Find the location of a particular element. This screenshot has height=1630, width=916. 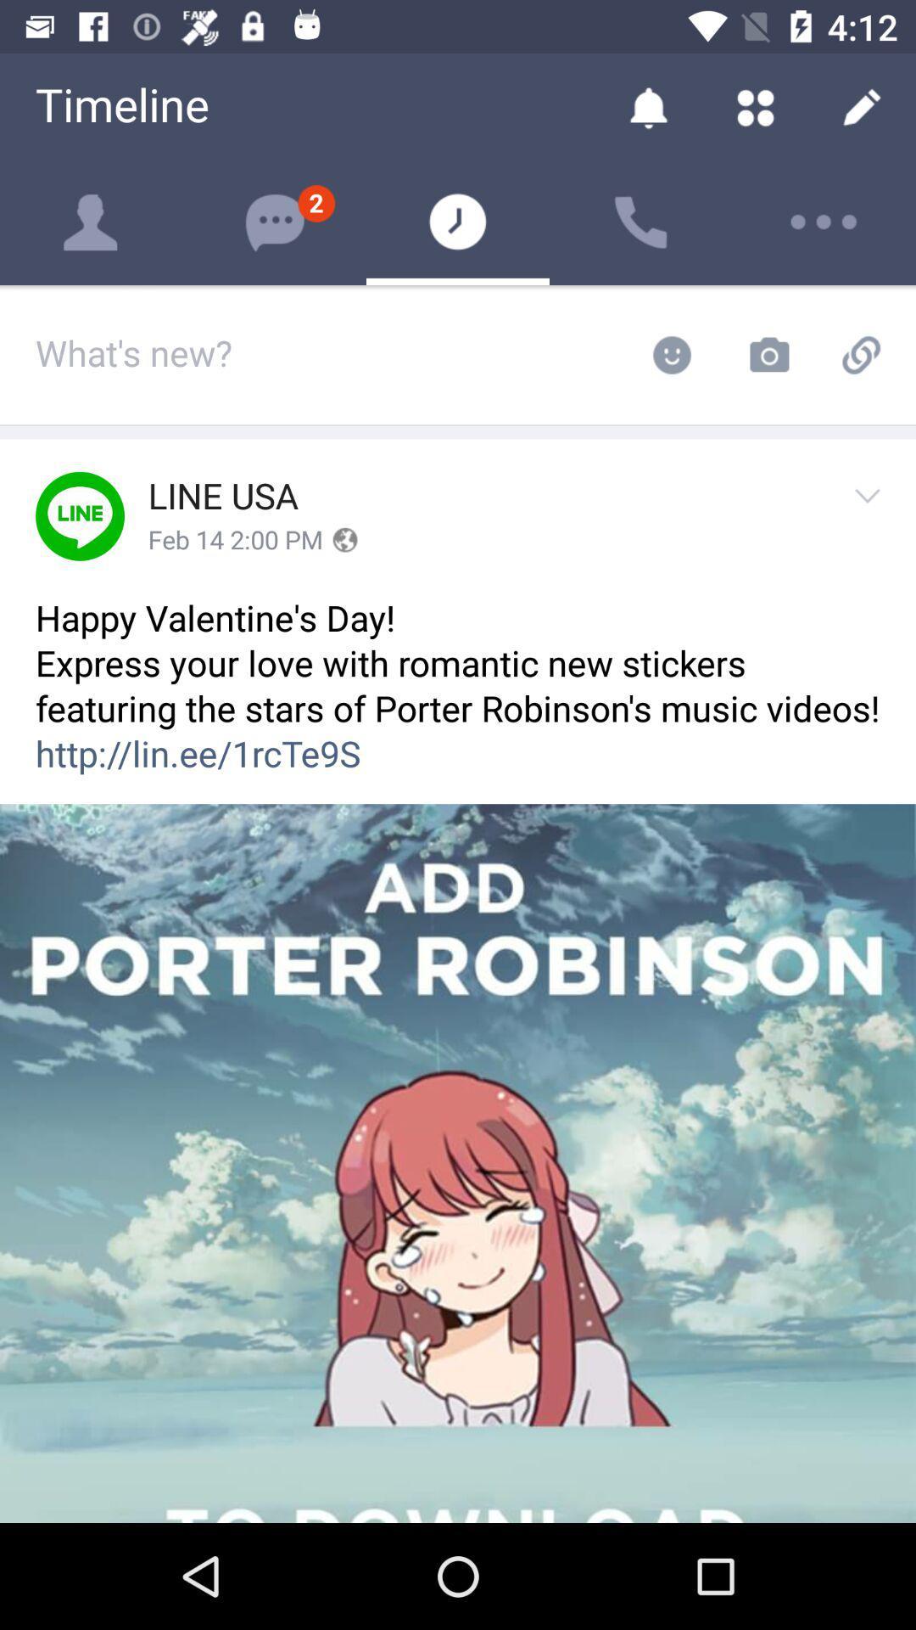

the avatar icon is located at coordinates (92, 222).